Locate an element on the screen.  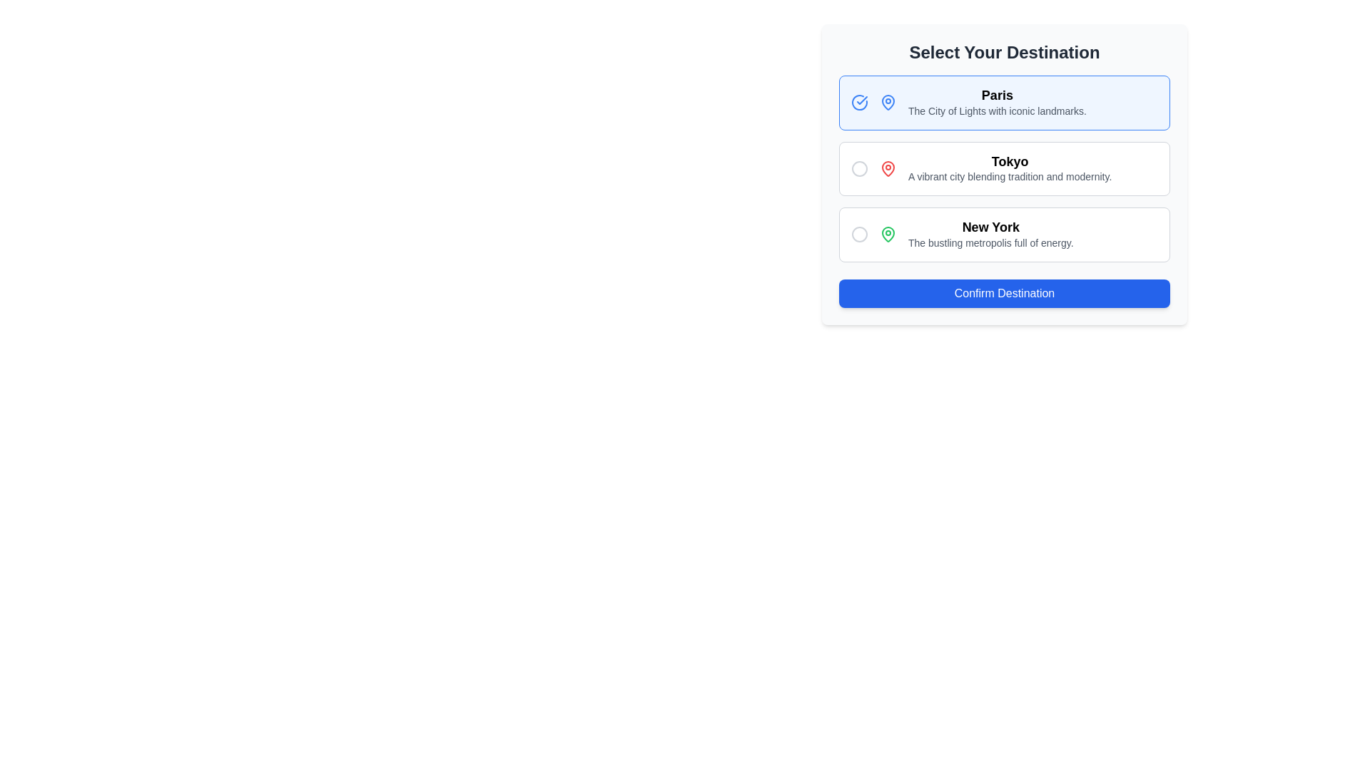
the label displaying information about 'Tokyo', which is the second item in a stacked layout of destinations between 'Paris' and 'New York' is located at coordinates (1009, 168).